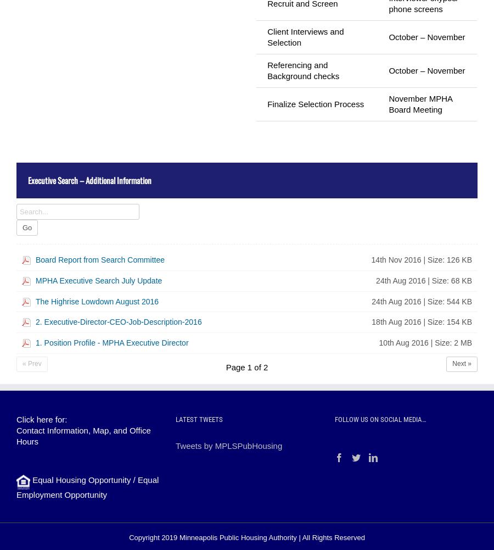  What do you see at coordinates (249, 366) in the screenshot?
I see `'1'` at bounding box center [249, 366].